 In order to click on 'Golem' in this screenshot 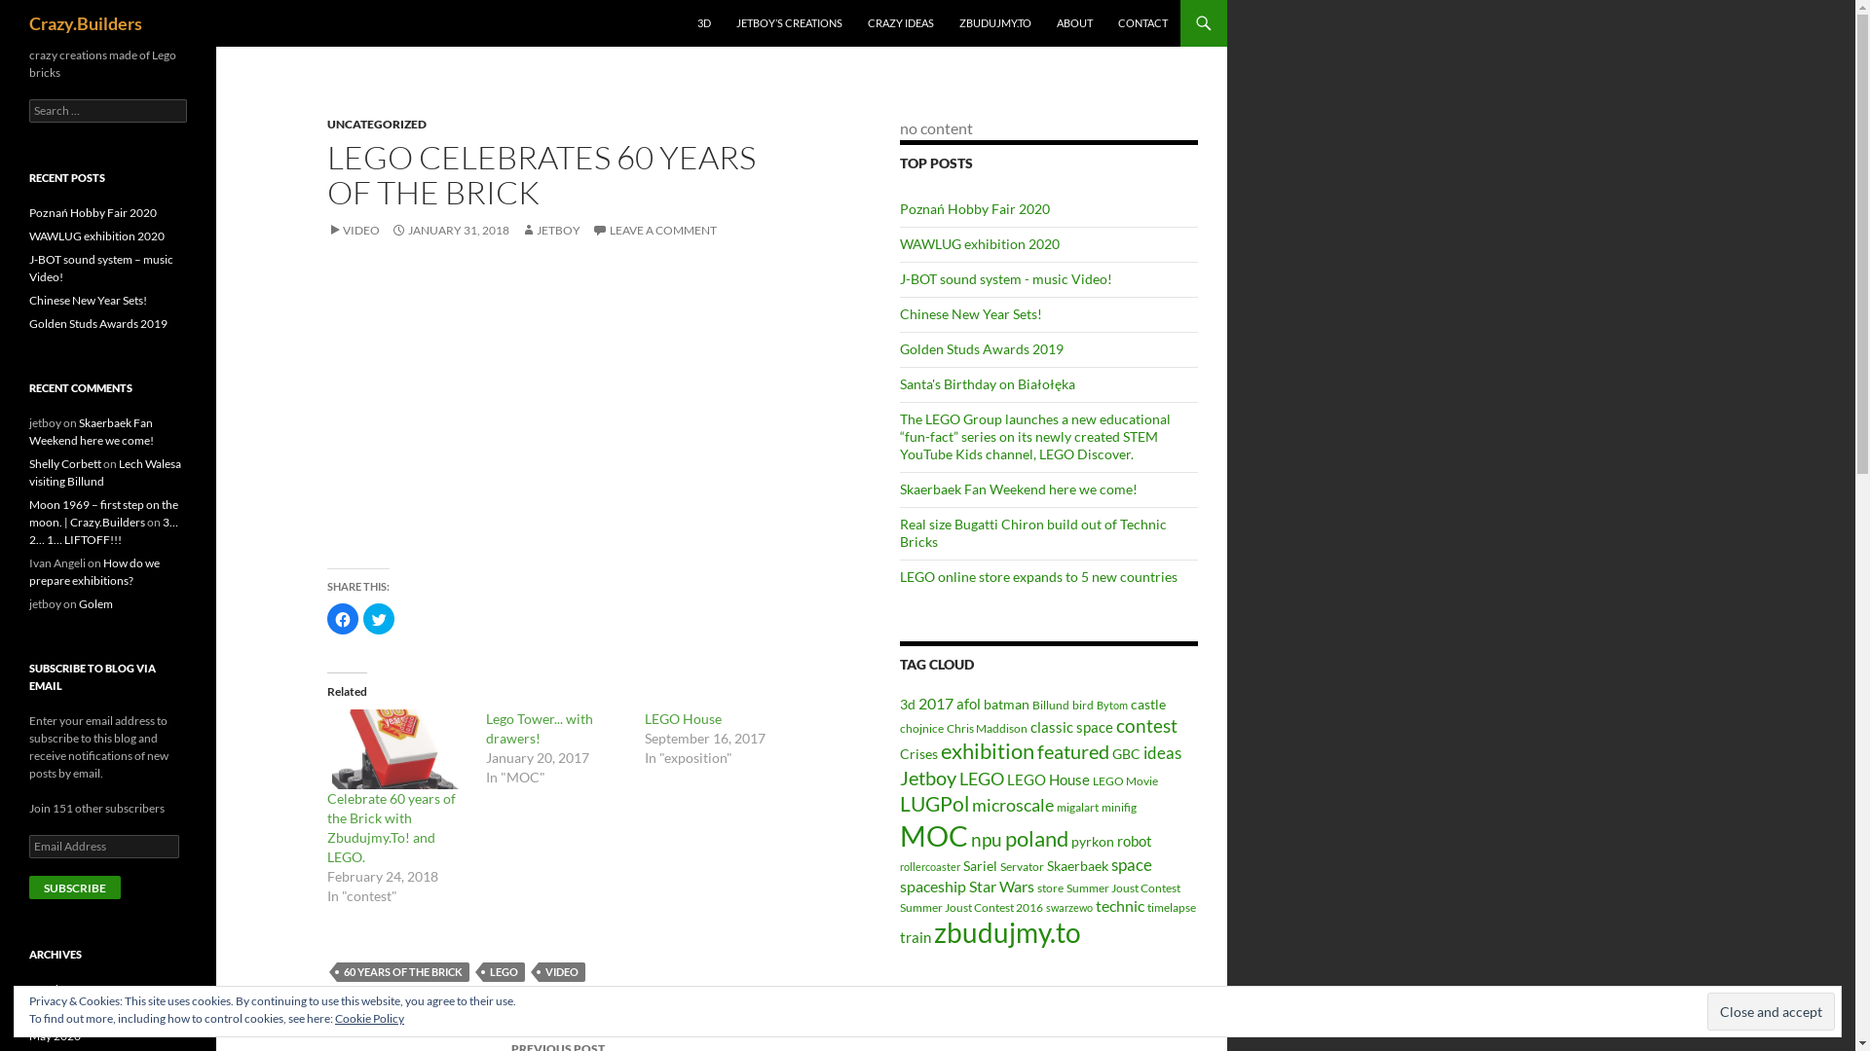, I will do `click(94, 602)`.